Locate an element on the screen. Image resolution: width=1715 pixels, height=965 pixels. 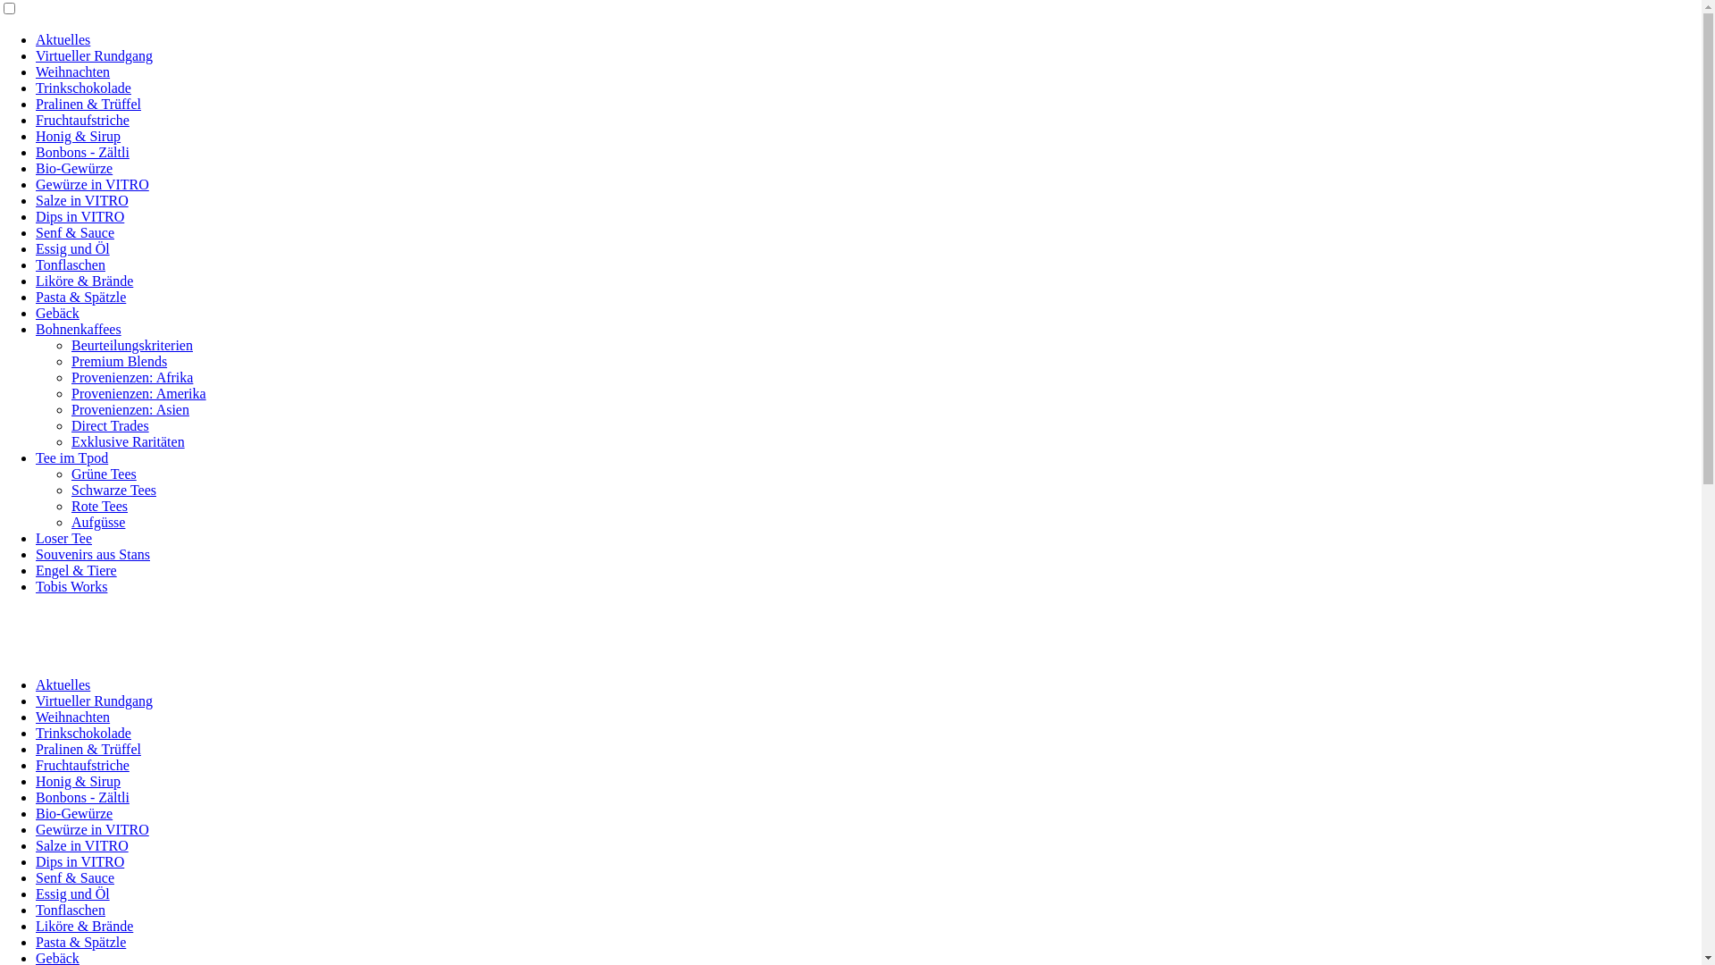
'Premium Blends' is located at coordinates (118, 361).